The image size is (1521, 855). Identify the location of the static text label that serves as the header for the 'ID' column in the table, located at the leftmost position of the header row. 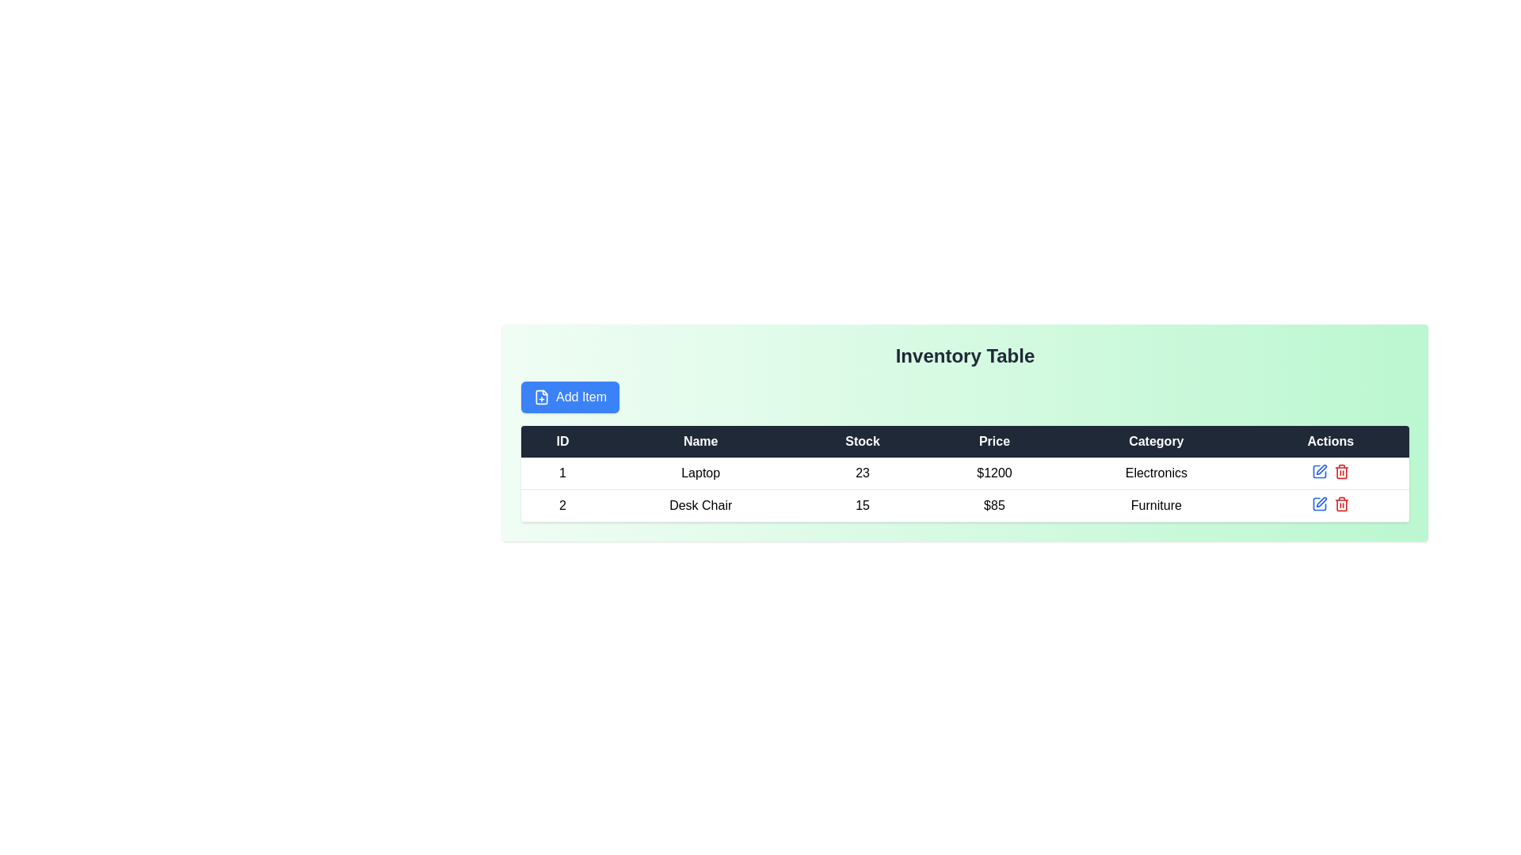
(562, 442).